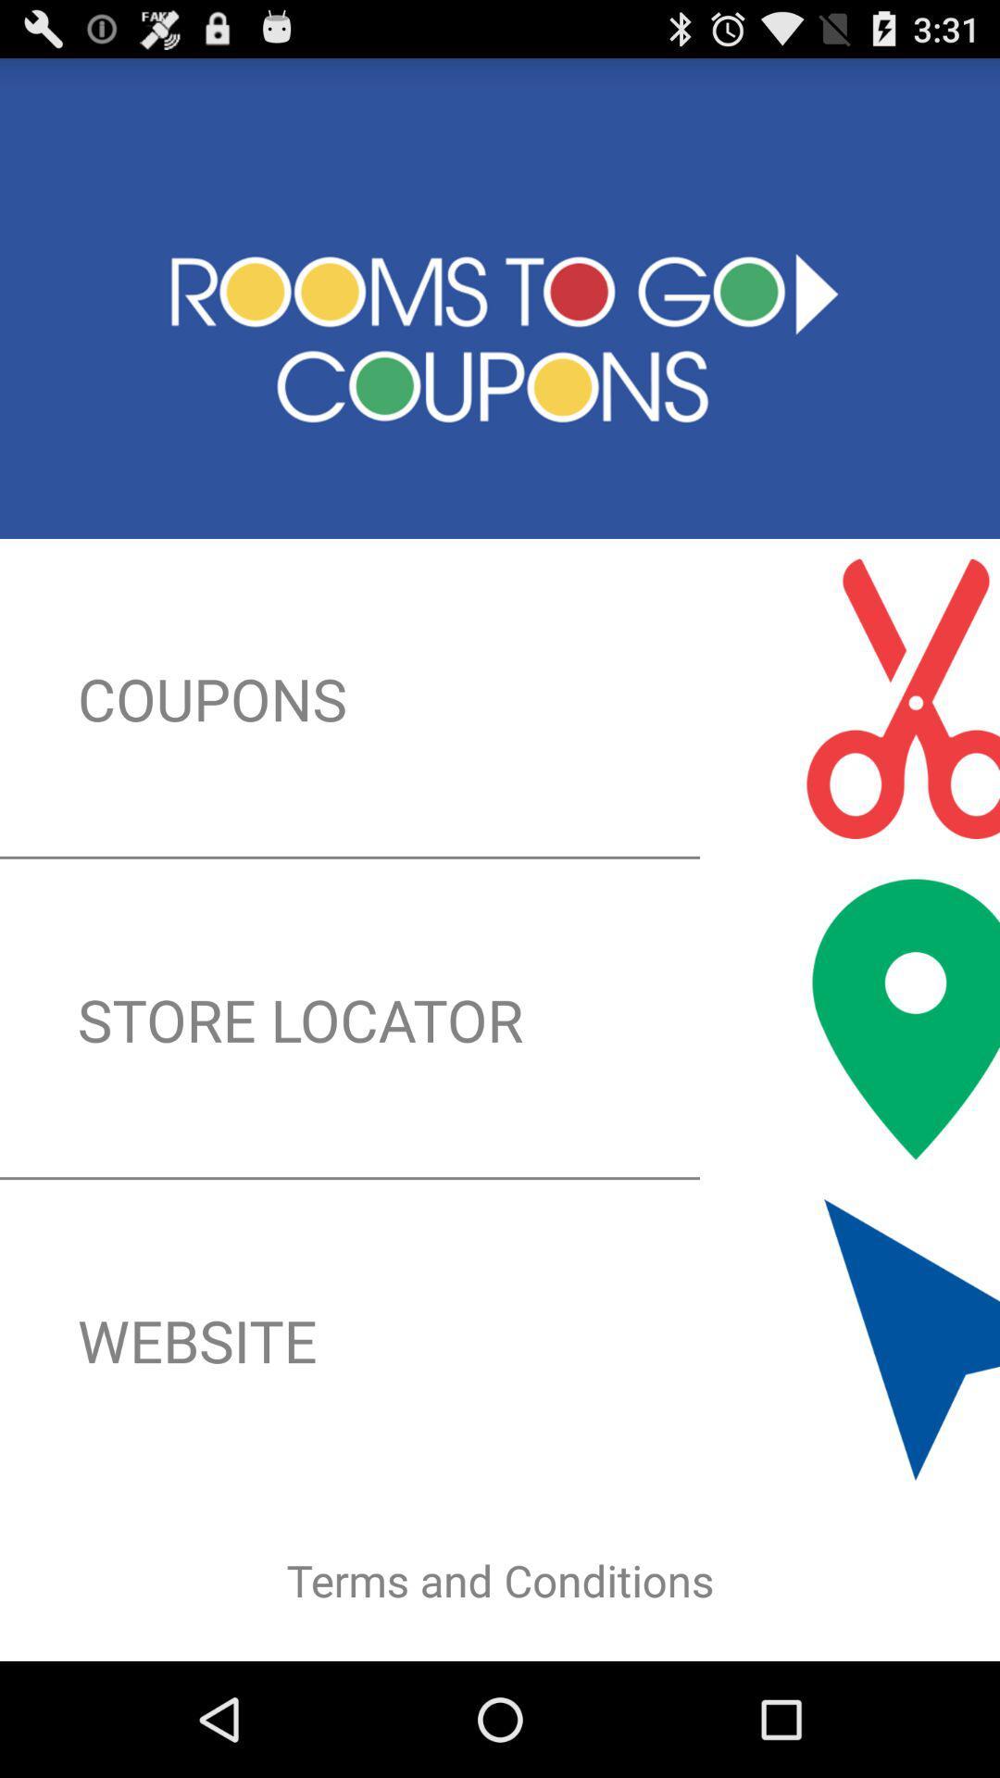 This screenshot has height=1778, width=1000. I want to click on website item, so click(500, 1340).